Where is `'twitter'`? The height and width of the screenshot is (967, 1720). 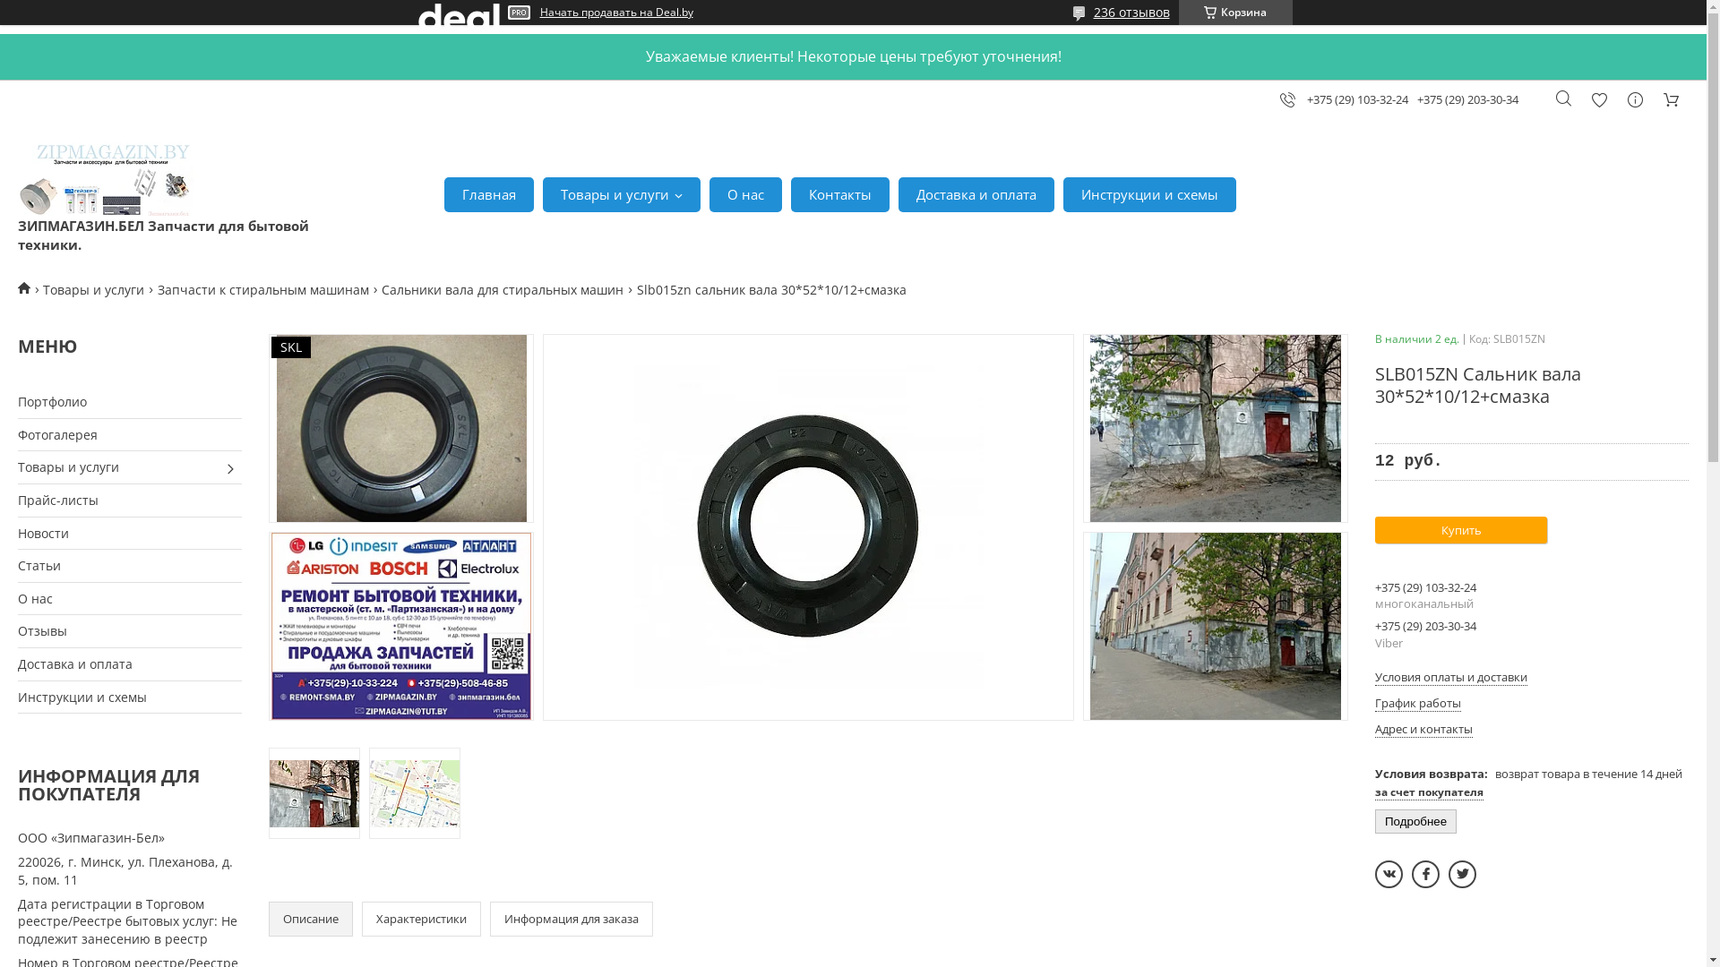
'twitter' is located at coordinates (1462, 873).